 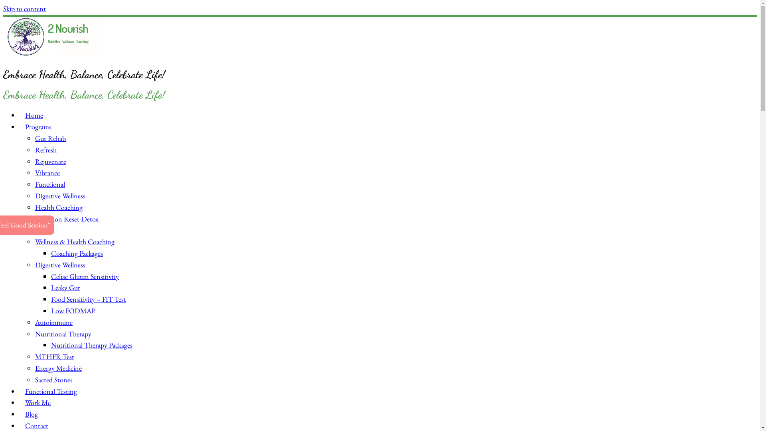 What do you see at coordinates (50, 138) in the screenshot?
I see `'Gut Rehab'` at bounding box center [50, 138].